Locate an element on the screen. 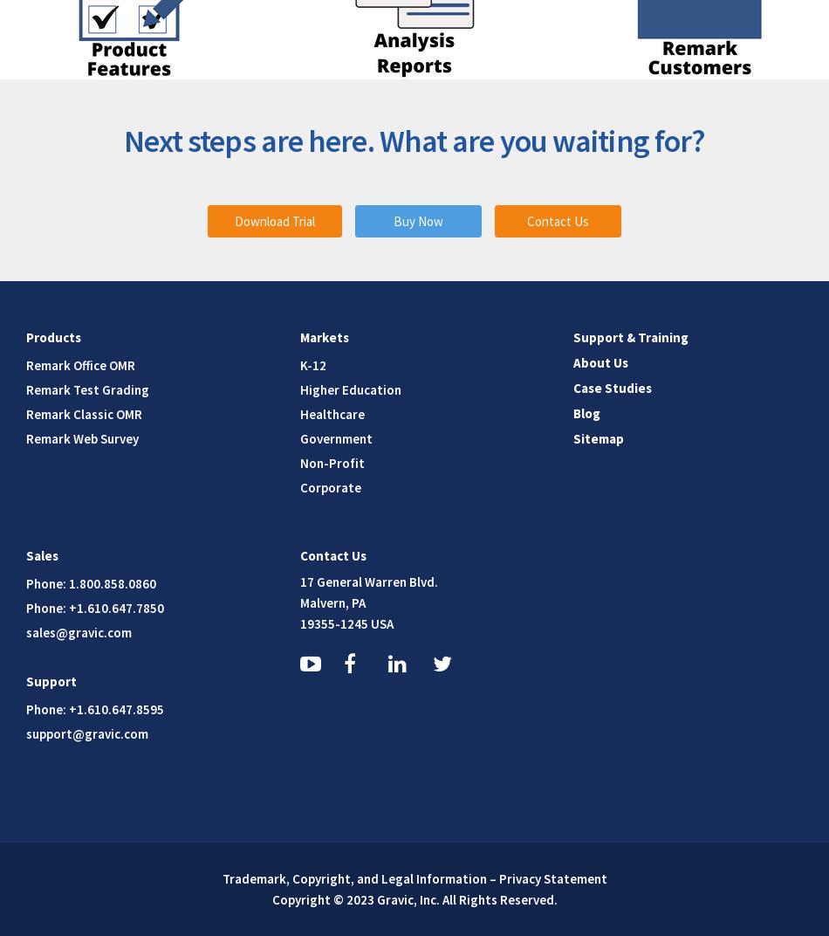 This screenshot has height=936, width=829. 'Phone: 1.800.858.0860' is located at coordinates (91, 582).